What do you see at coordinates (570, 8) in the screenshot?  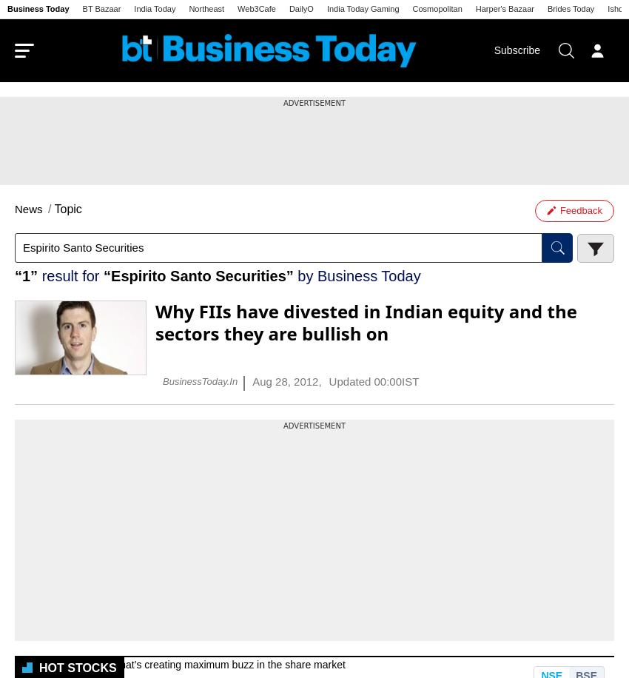 I see `'Brides Today'` at bounding box center [570, 8].